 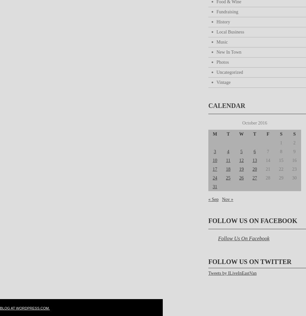 What do you see at coordinates (254, 178) in the screenshot?
I see `'27'` at bounding box center [254, 178].